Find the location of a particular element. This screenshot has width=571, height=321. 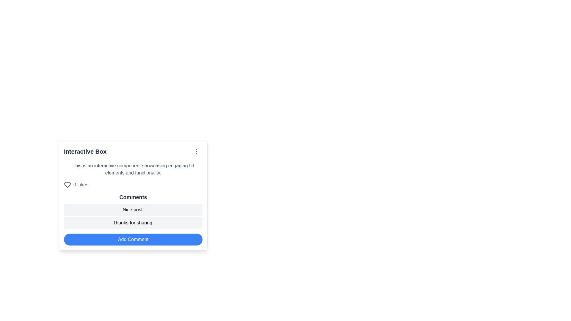

the button located on the far-right of the 'Interactive Box' section is located at coordinates (197, 151).